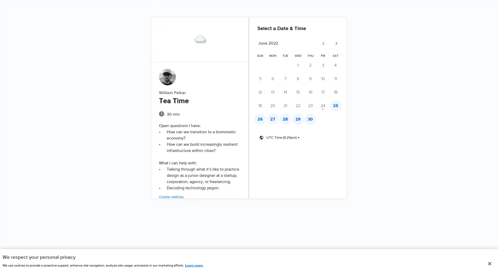 Image resolution: width=498 pixels, height=280 pixels. I want to click on Cookie settings, so click(165, 197).